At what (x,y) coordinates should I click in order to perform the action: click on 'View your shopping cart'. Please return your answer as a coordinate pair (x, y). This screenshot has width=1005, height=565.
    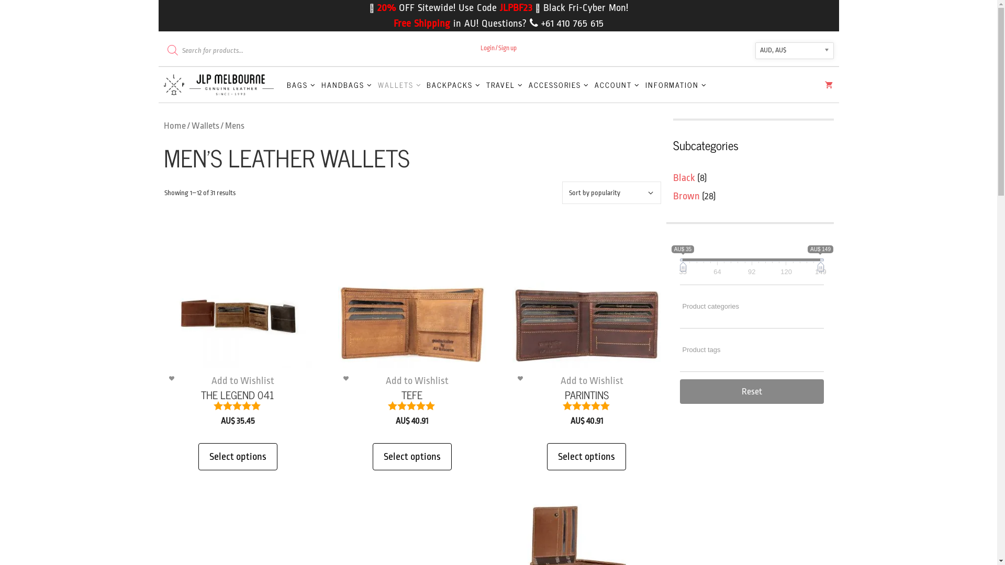
    Looking at the image, I should click on (828, 86).